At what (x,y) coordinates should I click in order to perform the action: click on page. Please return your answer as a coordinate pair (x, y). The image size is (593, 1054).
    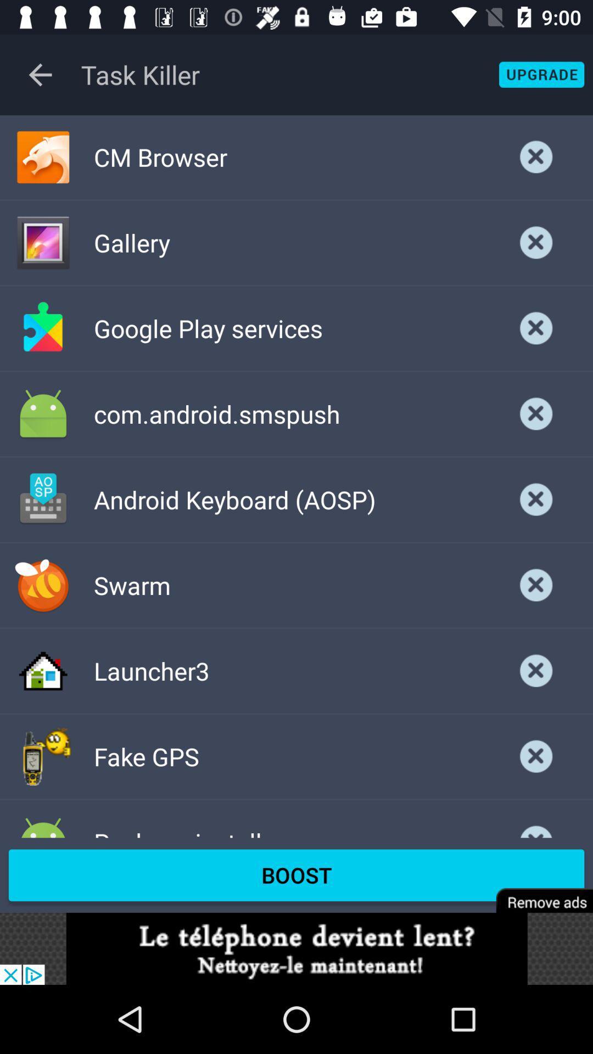
    Looking at the image, I should click on (536, 499).